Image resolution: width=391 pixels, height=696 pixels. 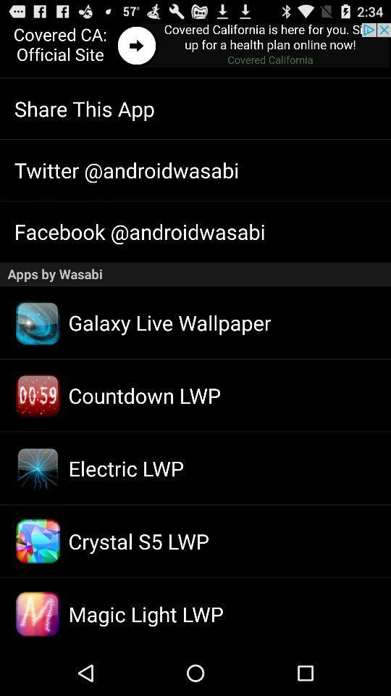 What do you see at coordinates (195, 46) in the screenshot?
I see `advertisement` at bounding box center [195, 46].